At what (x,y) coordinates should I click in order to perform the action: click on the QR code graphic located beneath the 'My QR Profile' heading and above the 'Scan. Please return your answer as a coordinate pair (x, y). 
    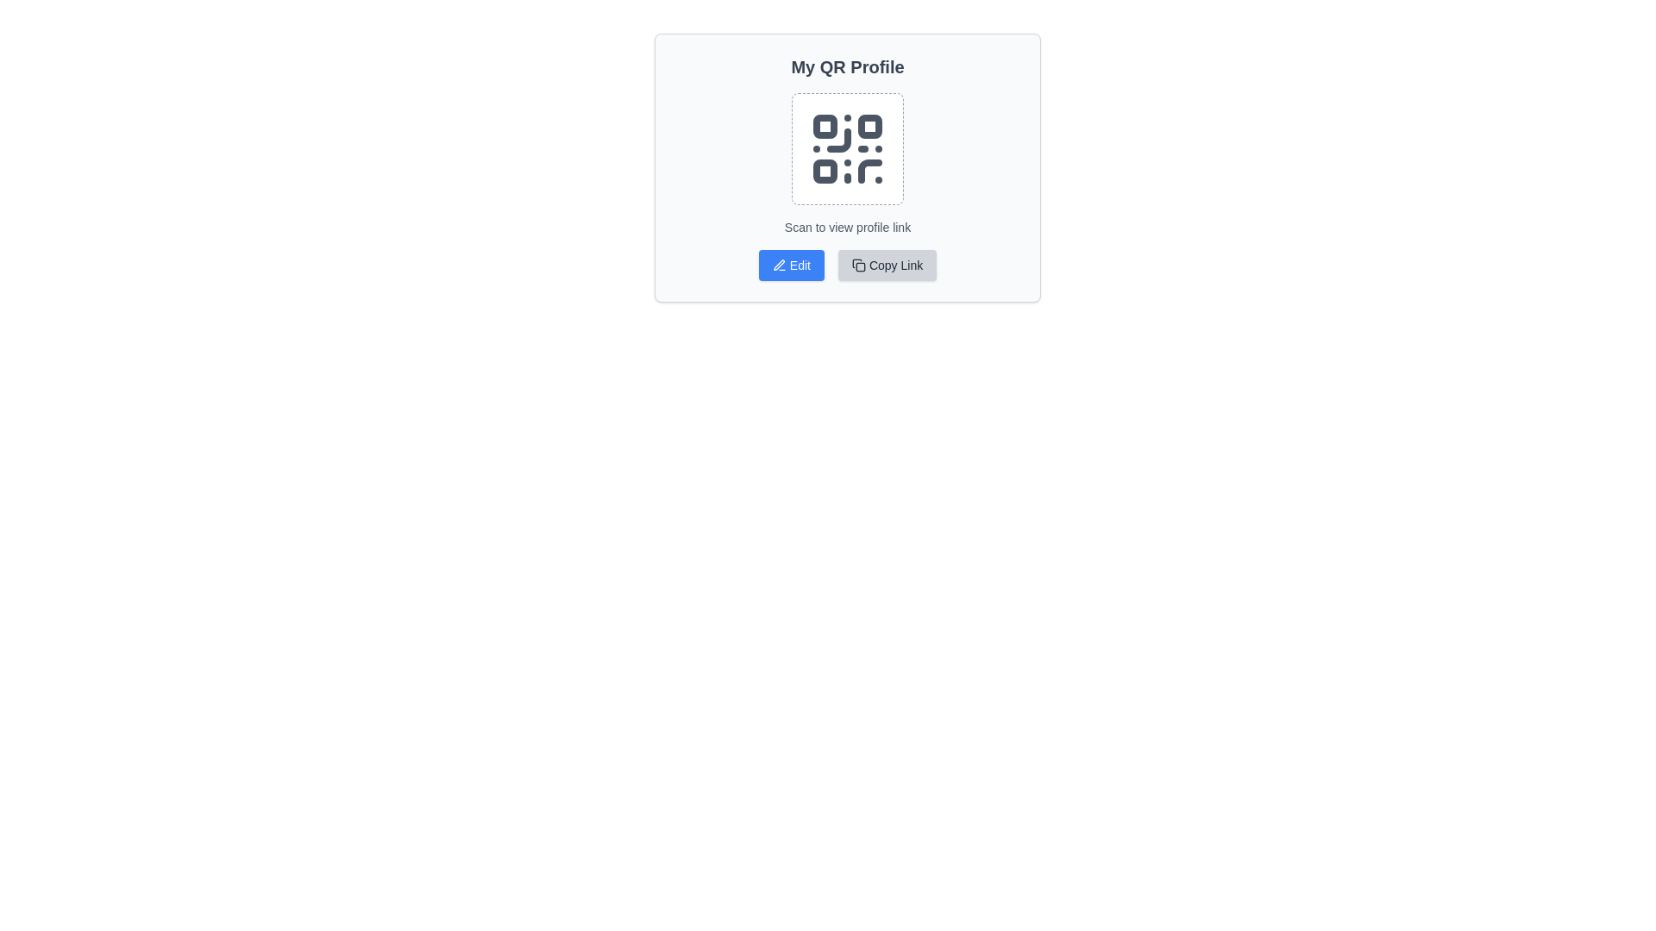
    Looking at the image, I should click on (848, 148).